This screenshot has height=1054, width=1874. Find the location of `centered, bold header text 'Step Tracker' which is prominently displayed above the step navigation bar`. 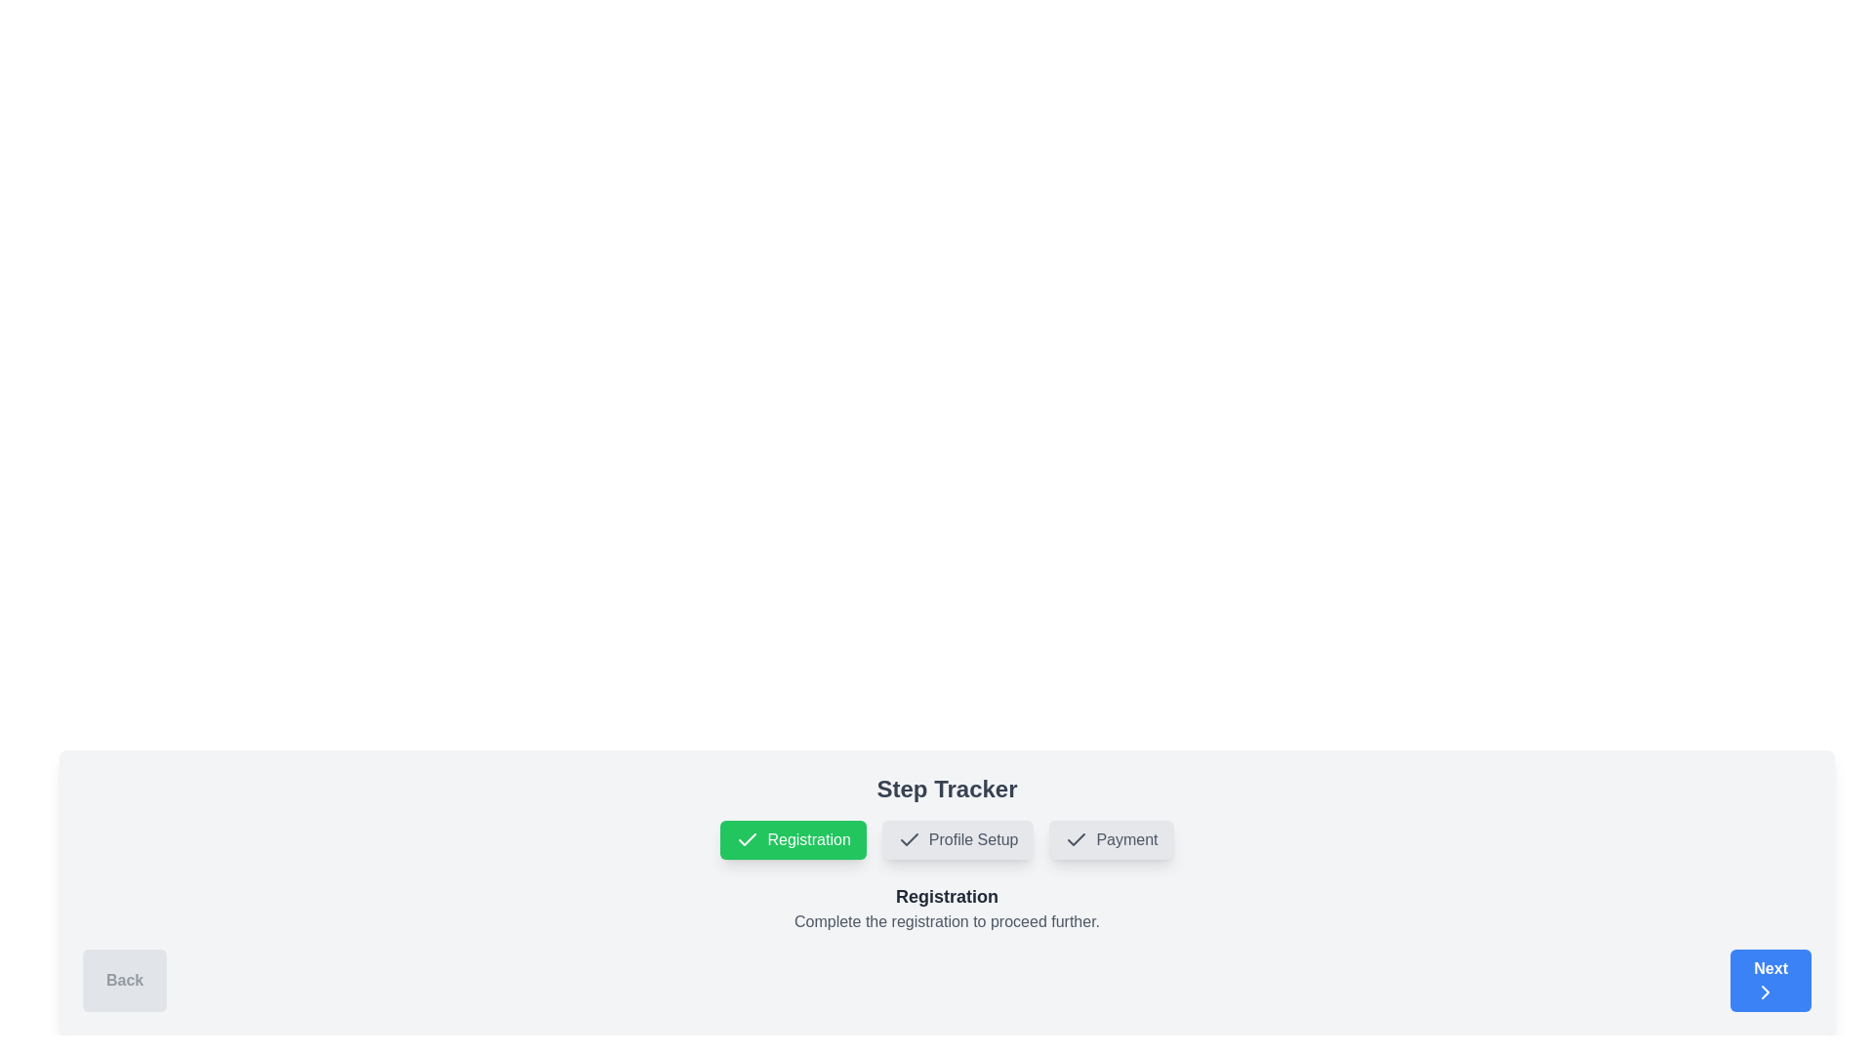

centered, bold header text 'Step Tracker' which is prominently displayed above the step navigation bar is located at coordinates (947, 789).